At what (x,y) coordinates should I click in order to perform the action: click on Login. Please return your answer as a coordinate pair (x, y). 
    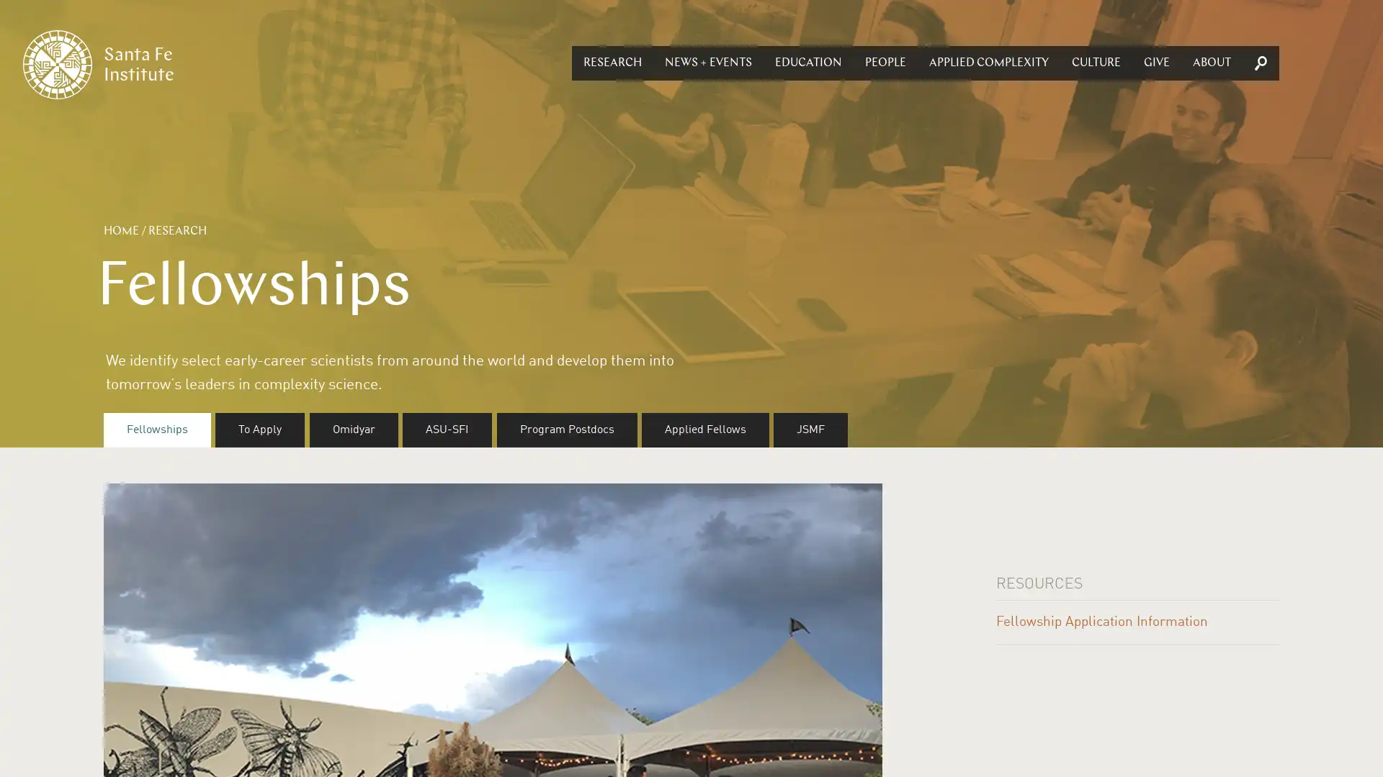
    Looking at the image, I should click on (684, 358).